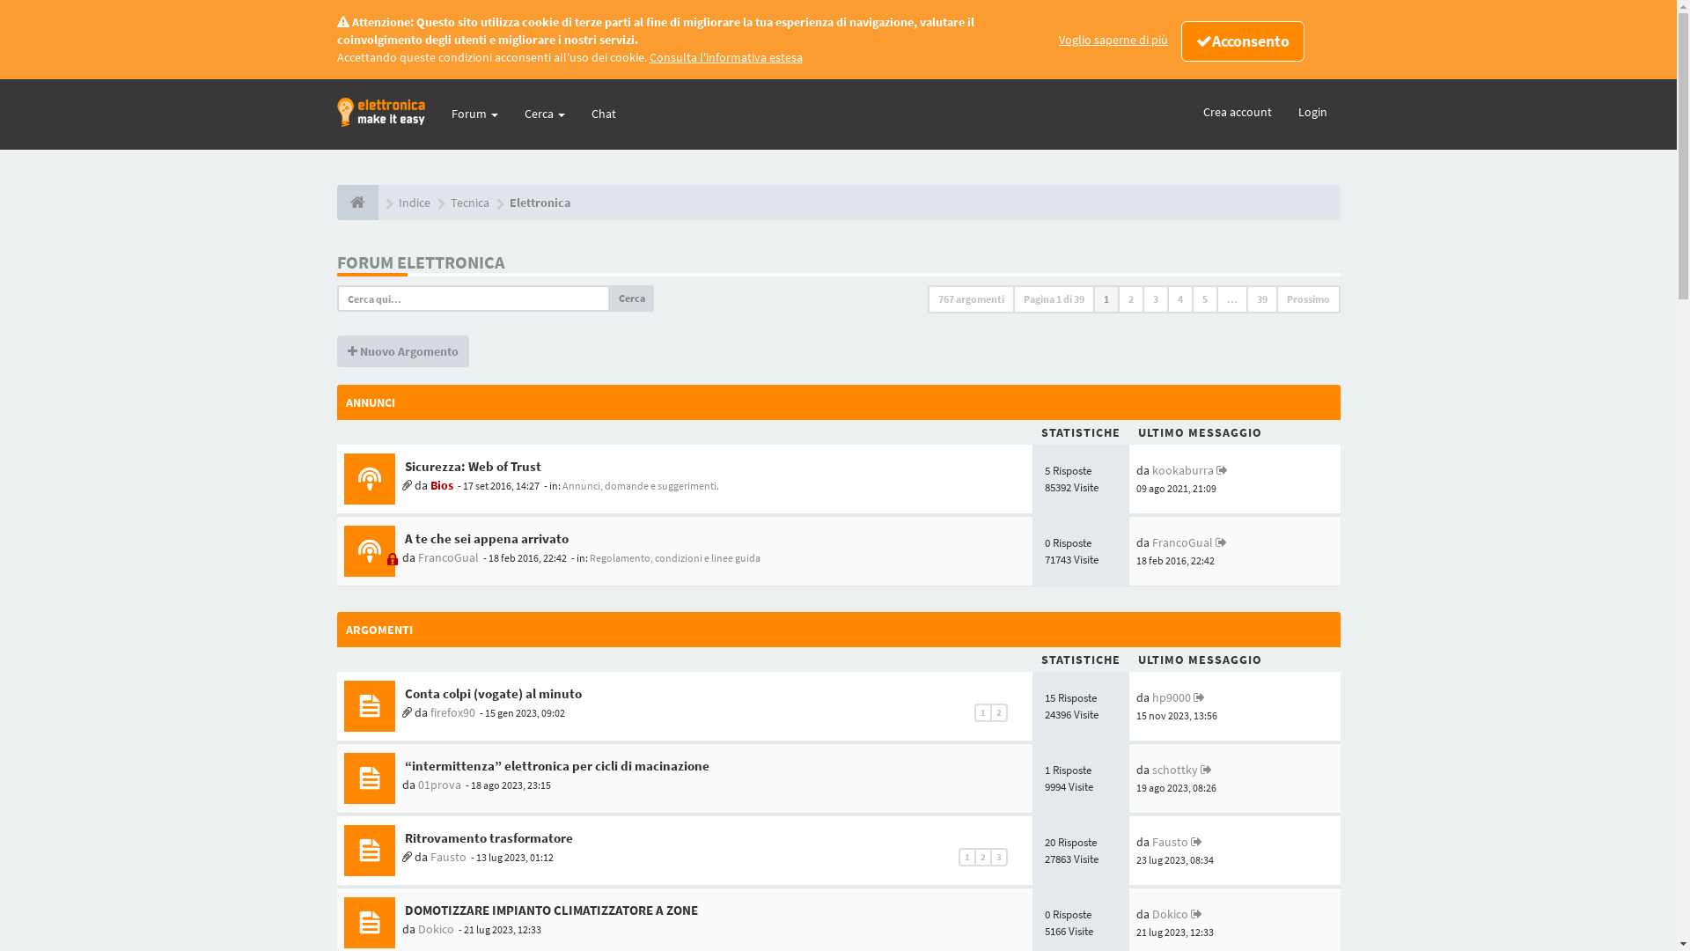 This screenshot has height=951, width=1690. What do you see at coordinates (413, 202) in the screenshot?
I see `'Indice'` at bounding box center [413, 202].